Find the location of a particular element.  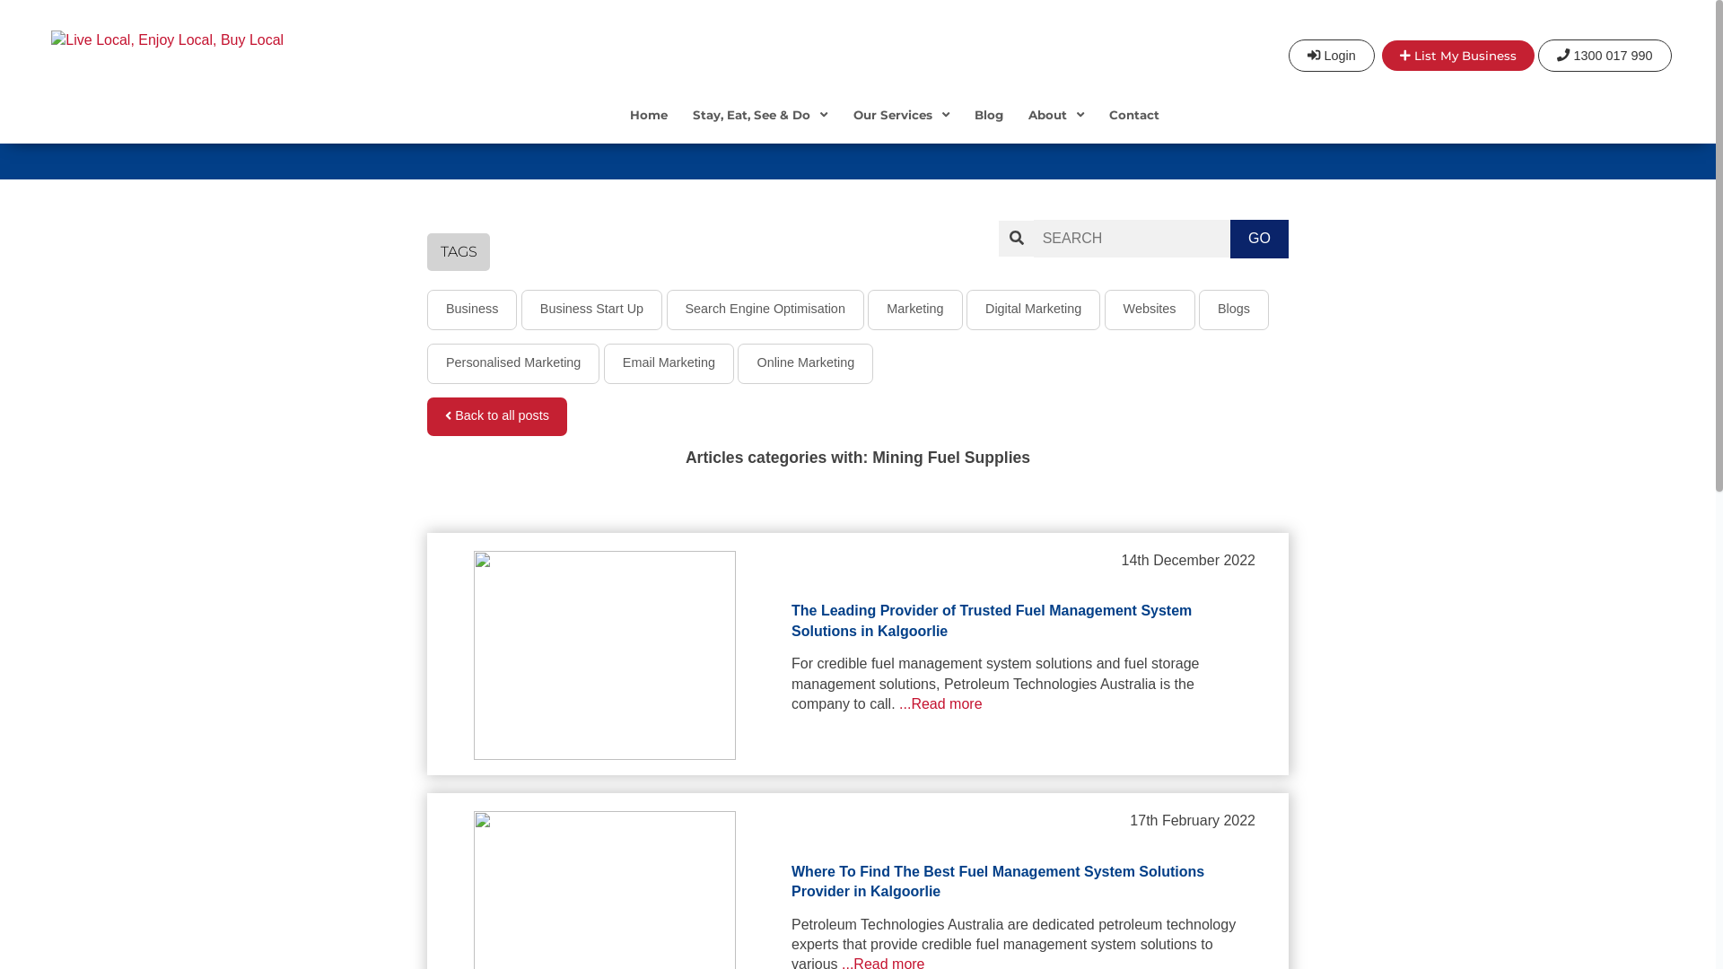

'Our Services' is located at coordinates (901, 127).